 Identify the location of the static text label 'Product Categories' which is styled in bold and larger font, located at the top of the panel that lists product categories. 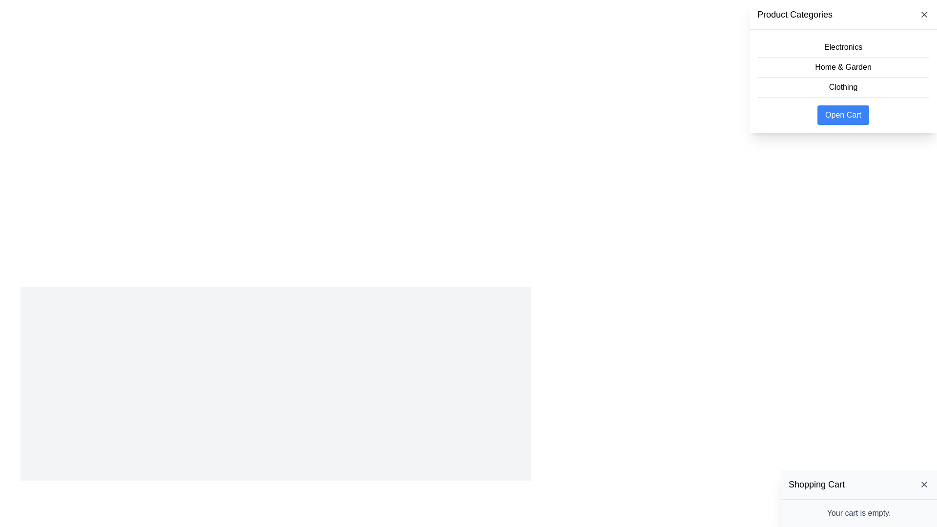
(795, 15).